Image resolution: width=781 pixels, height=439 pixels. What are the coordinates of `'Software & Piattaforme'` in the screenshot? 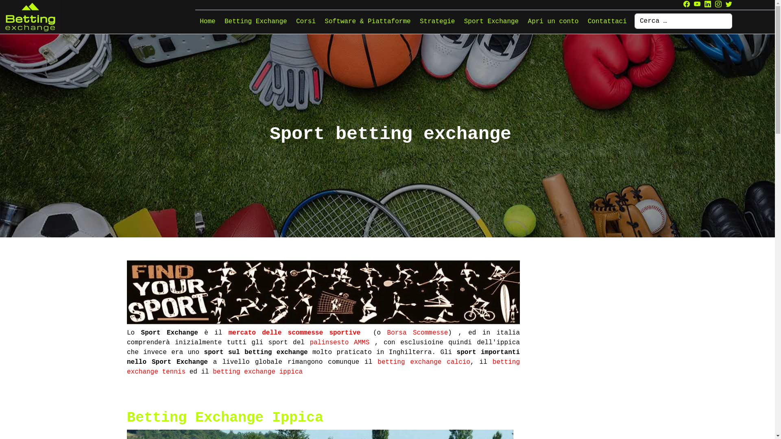 It's located at (367, 21).